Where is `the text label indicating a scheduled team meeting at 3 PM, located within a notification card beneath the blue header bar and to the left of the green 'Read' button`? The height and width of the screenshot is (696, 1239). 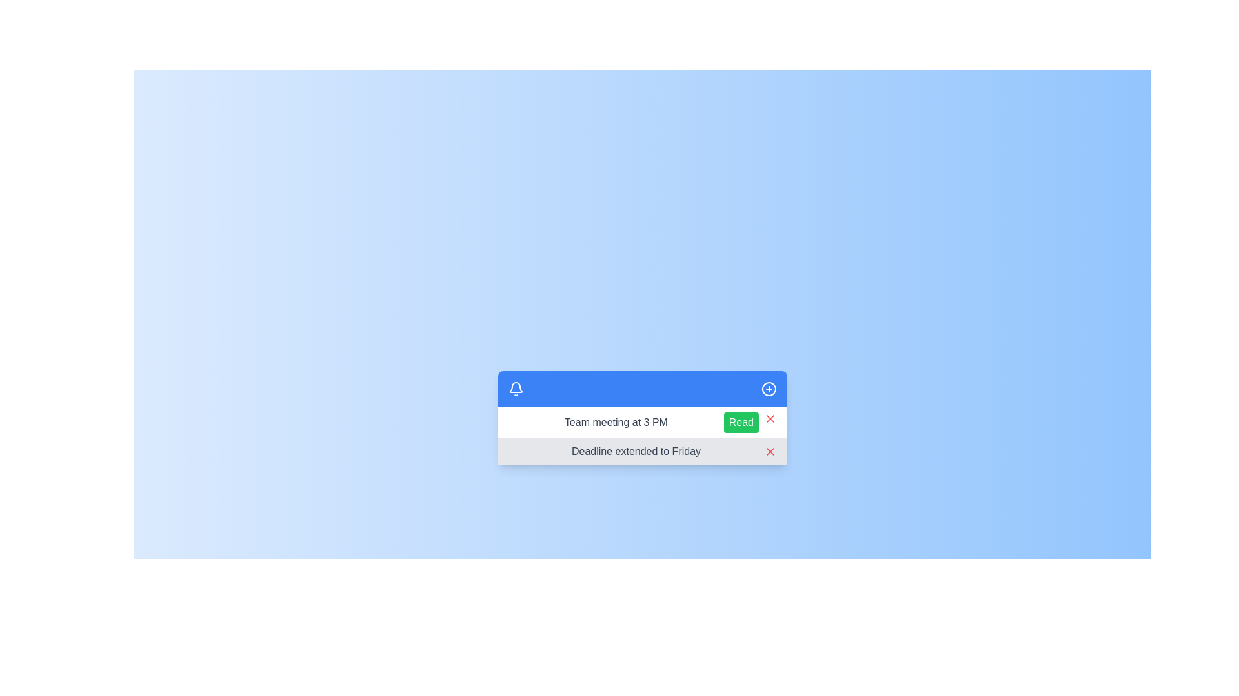 the text label indicating a scheduled team meeting at 3 PM, located within a notification card beneath the blue header bar and to the left of the green 'Read' button is located at coordinates (615, 422).